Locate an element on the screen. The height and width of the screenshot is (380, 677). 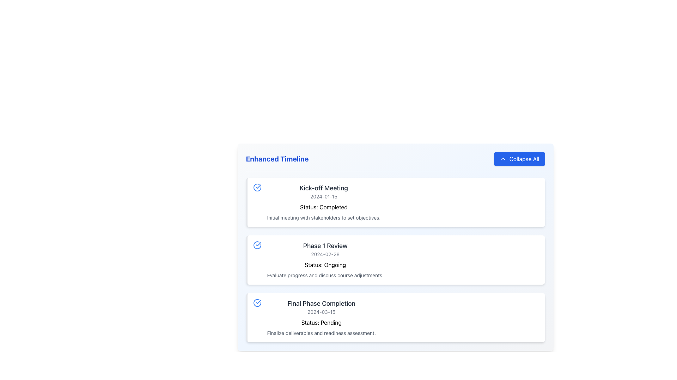
the 'Phase 1 Review' textual information block within the Enhanced Timeline section is located at coordinates (325, 260).